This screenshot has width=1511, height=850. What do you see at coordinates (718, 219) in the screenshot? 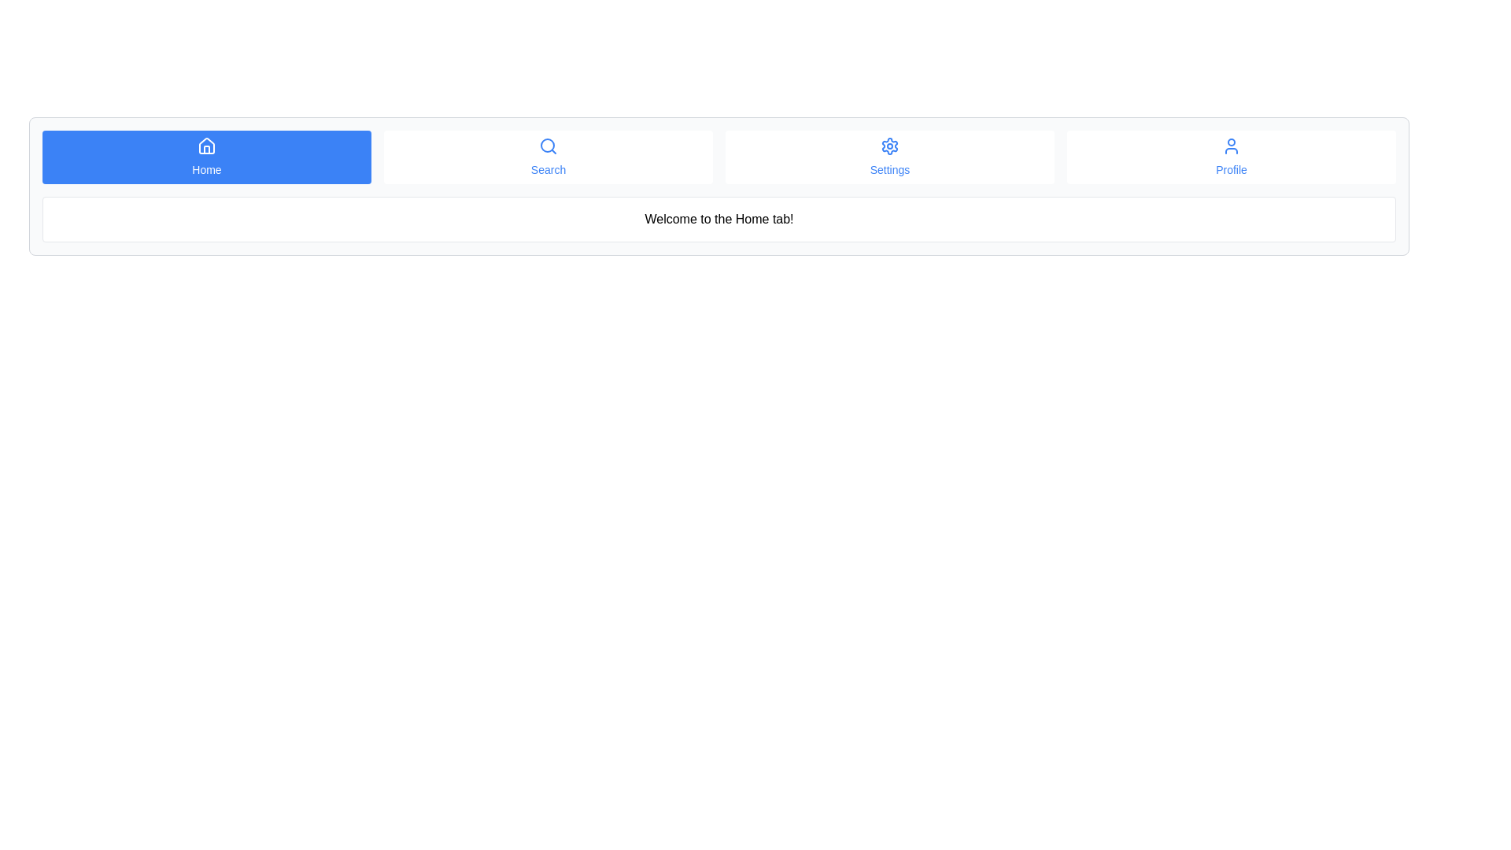
I see `text from the informational text box that contains the message 'Welcome to the Home tab!' centered inside it` at bounding box center [718, 219].